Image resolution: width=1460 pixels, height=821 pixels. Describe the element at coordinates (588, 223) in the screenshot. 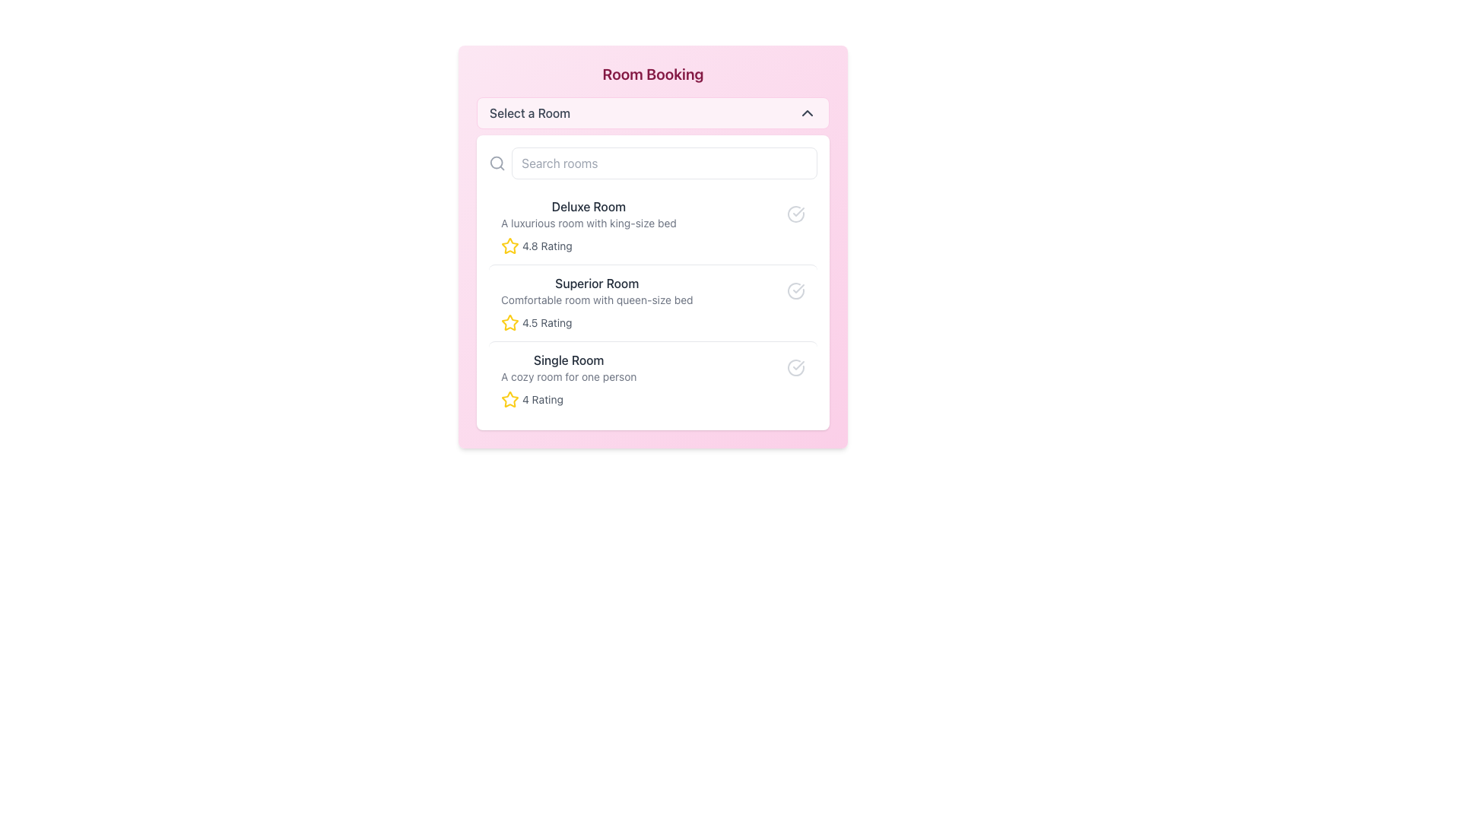

I see `text label that describes the room, which states 'A luxurious room with king-size bed', positioned below the title 'Deluxe Room'` at that location.